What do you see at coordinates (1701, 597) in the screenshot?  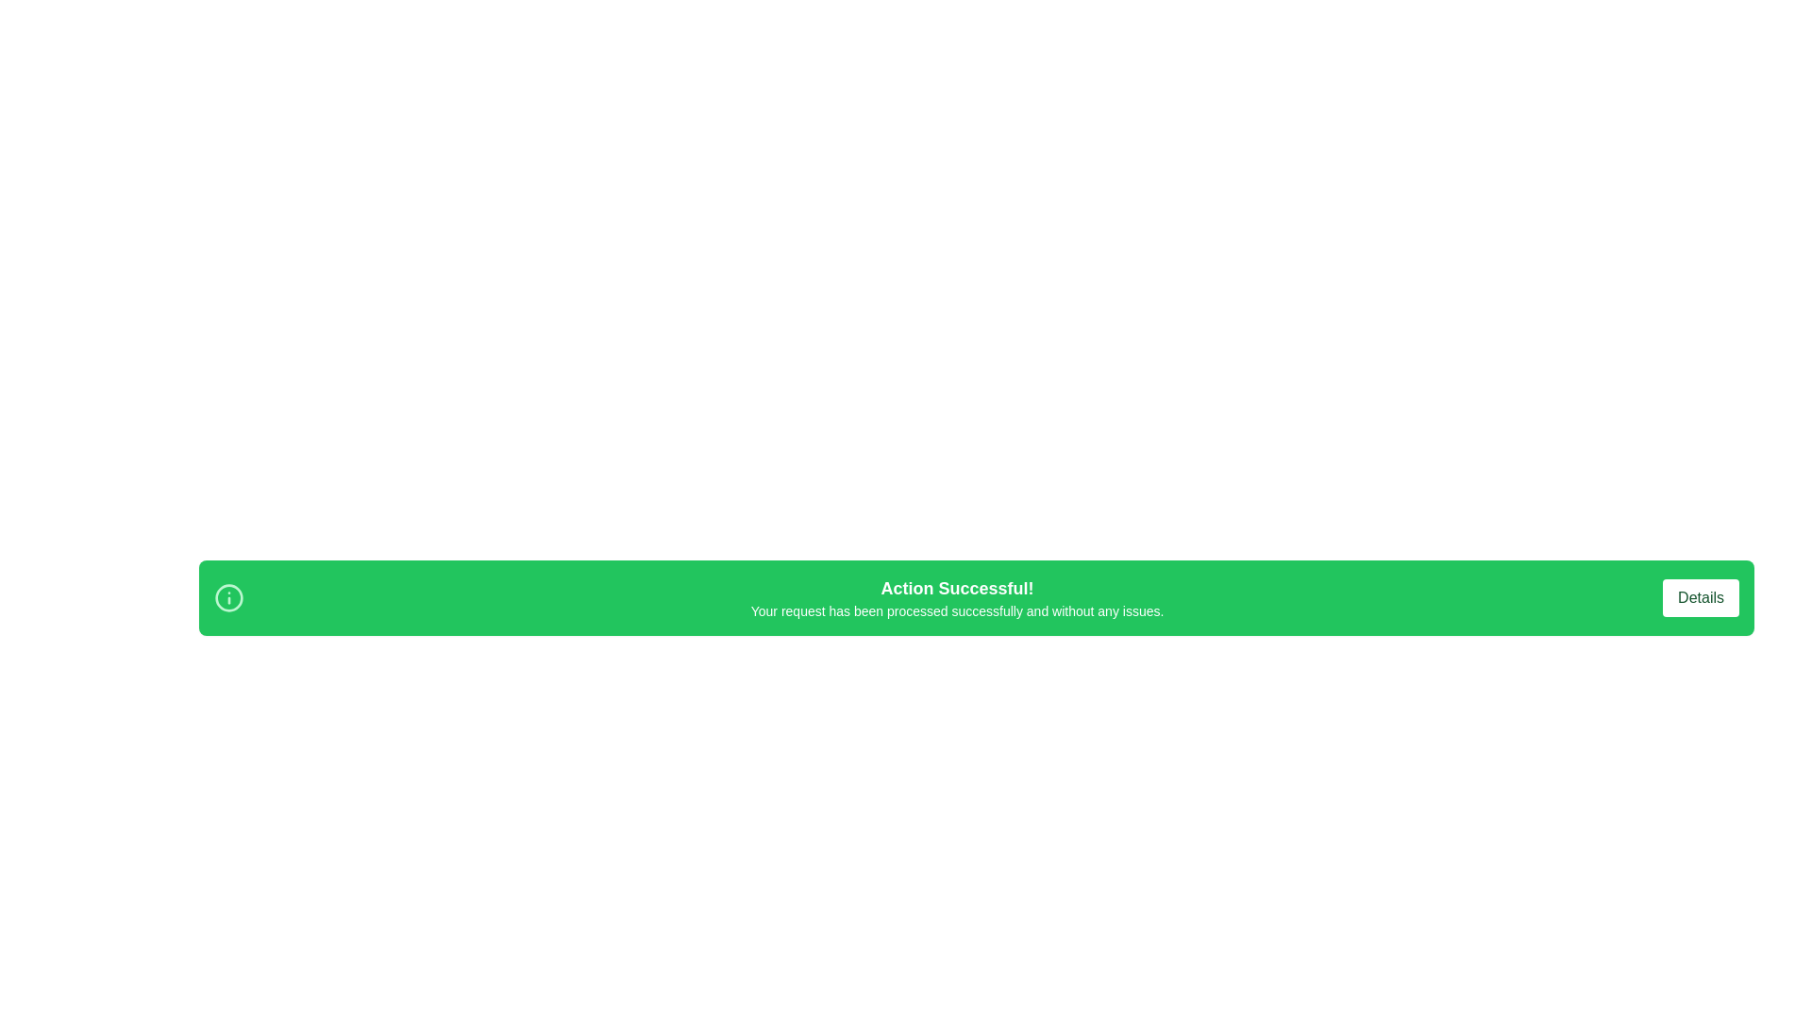 I see `the 'Details' button to view additional information` at bounding box center [1701, 597].